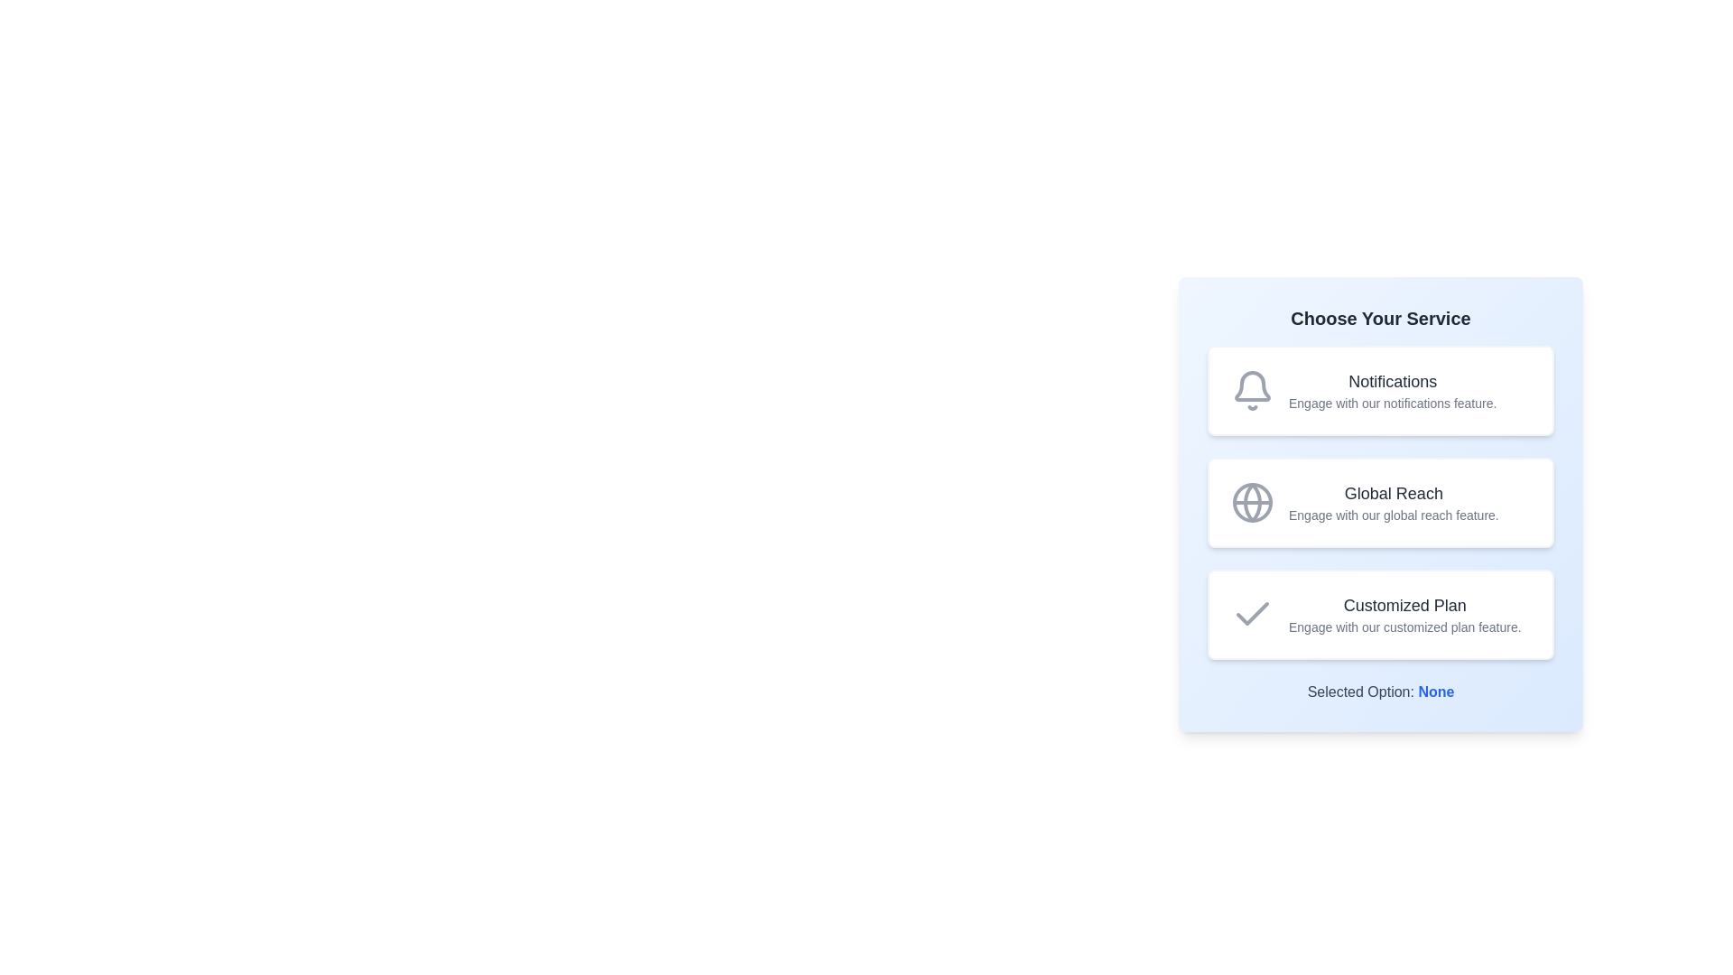  I want to click on the circular graphic element representing 'Global Reach' within the globe icon, so click(1251, 502).